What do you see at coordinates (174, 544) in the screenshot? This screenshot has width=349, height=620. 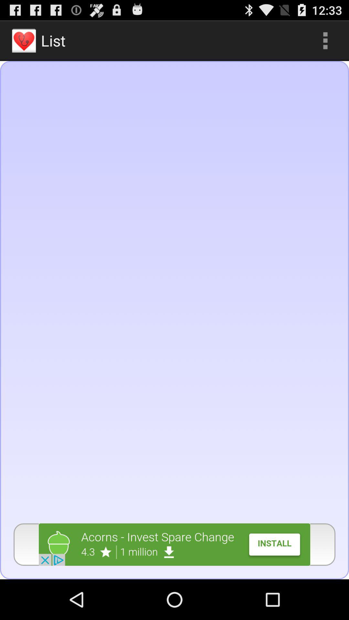 I see `pop-up advertisement` at bounding box center [174, 544].